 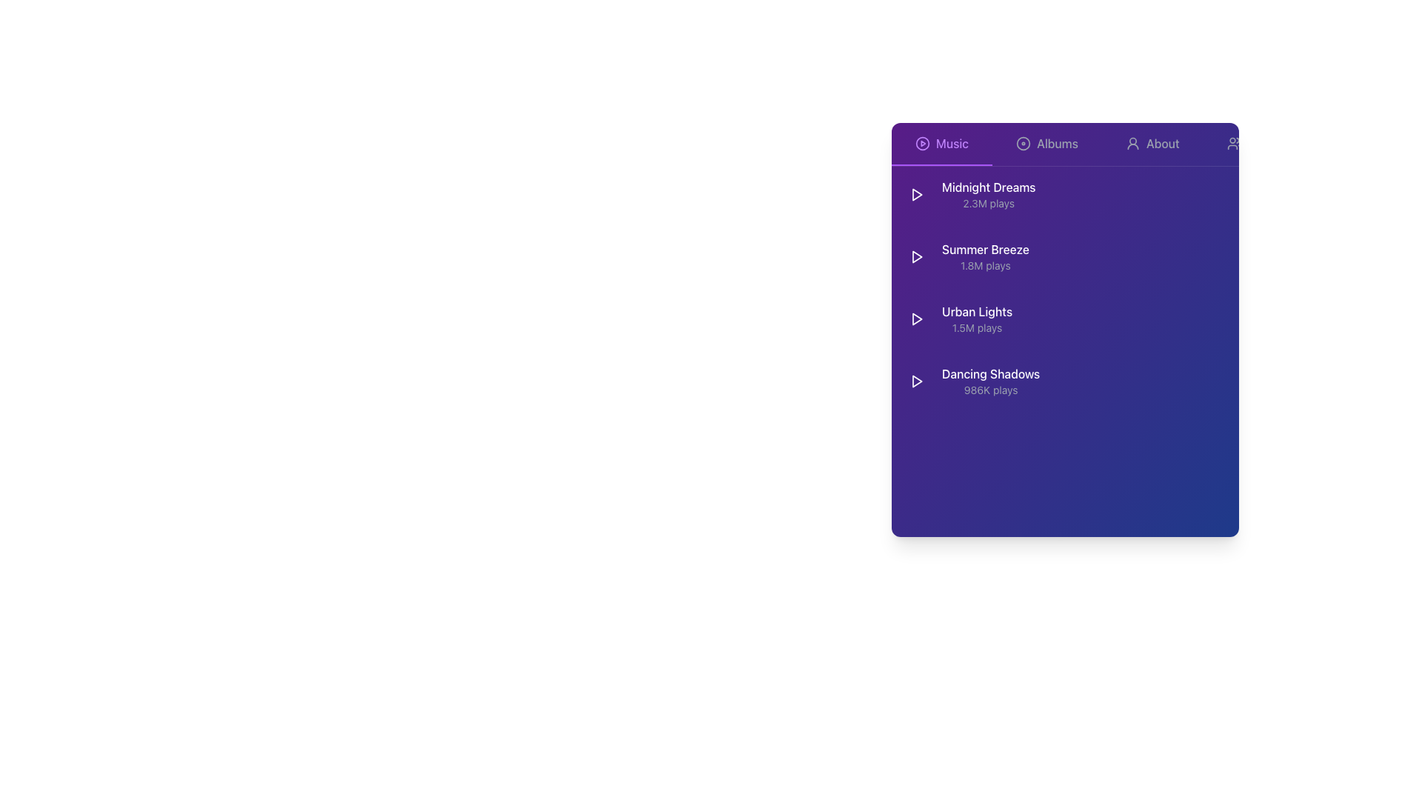 What do you see at coordinates (985, 264) in the screenshot?
I see `the text label displaying '1.8M plays' which is located directly under the title 'Summer Breeze' in the second row of the track list` at bounding box center [985, 264].